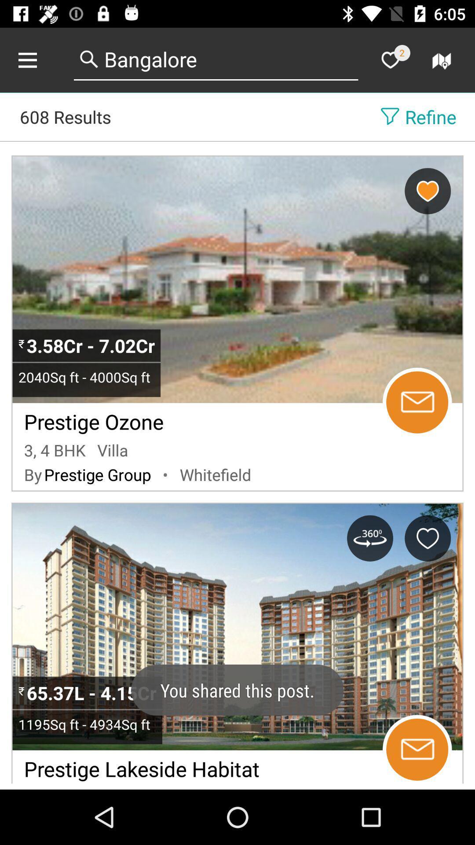 The height and width of the screenshot is (845, 475). I want to click on rotate image button, so click(370, 538).